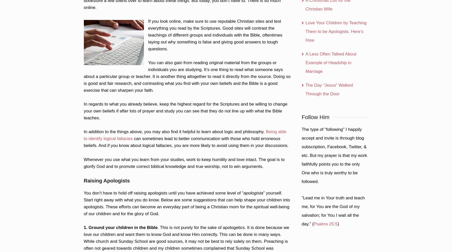 The image size is (452, 252). What do you see at coordinates (301, 117) in the screenshot?
I see `'Follow Him'` at bounding box center [301, 117].